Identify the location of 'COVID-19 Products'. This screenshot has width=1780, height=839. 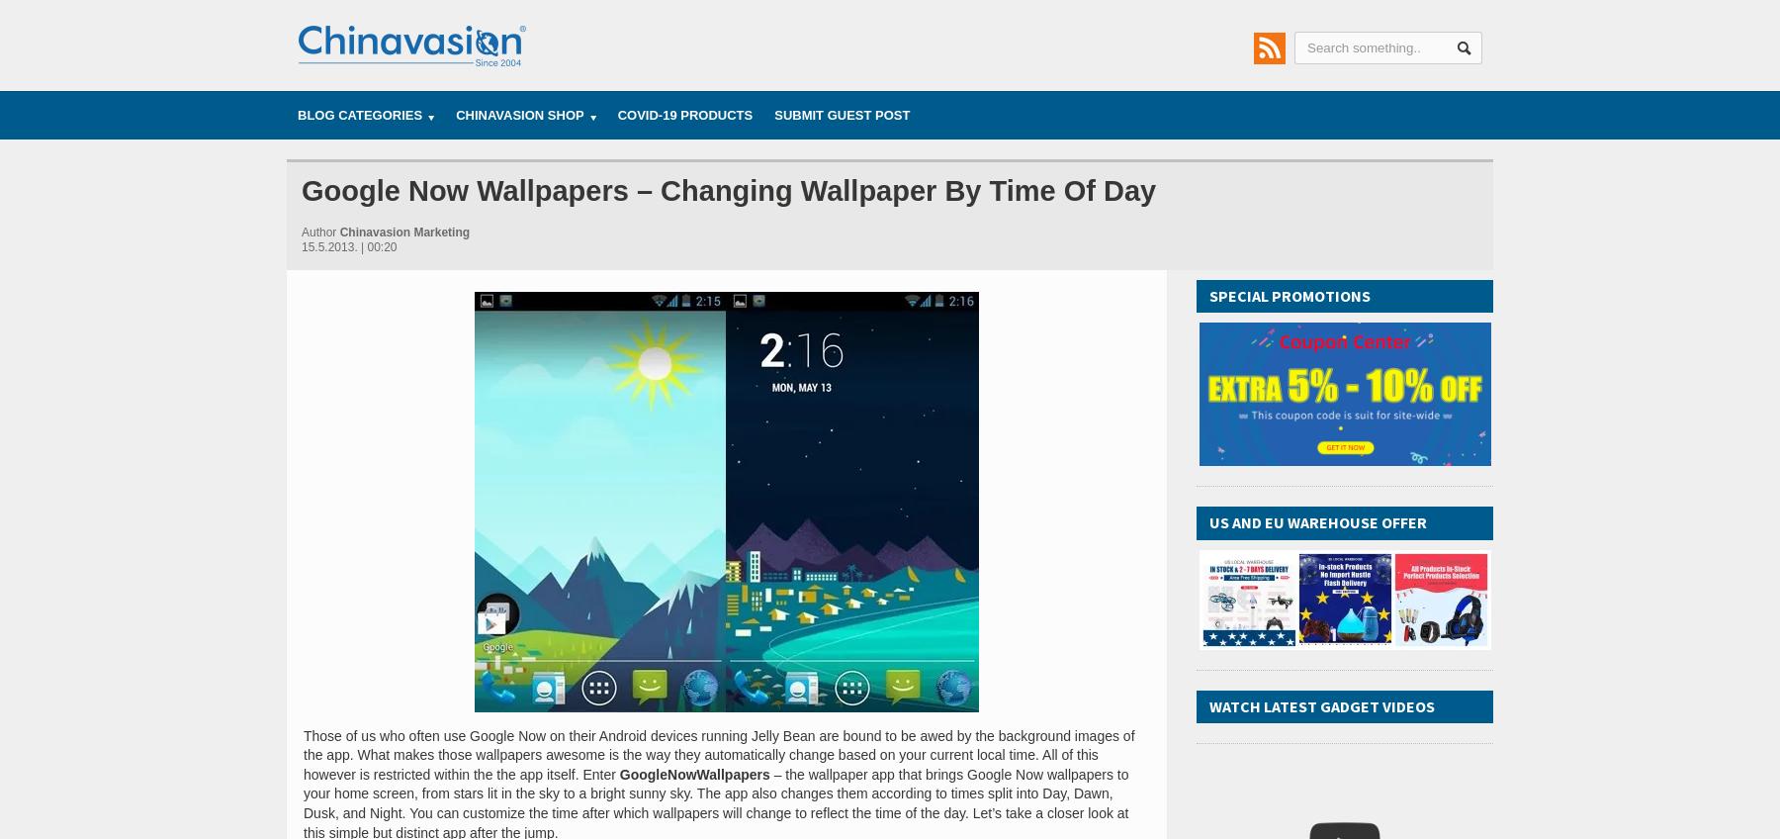
(683, 114).